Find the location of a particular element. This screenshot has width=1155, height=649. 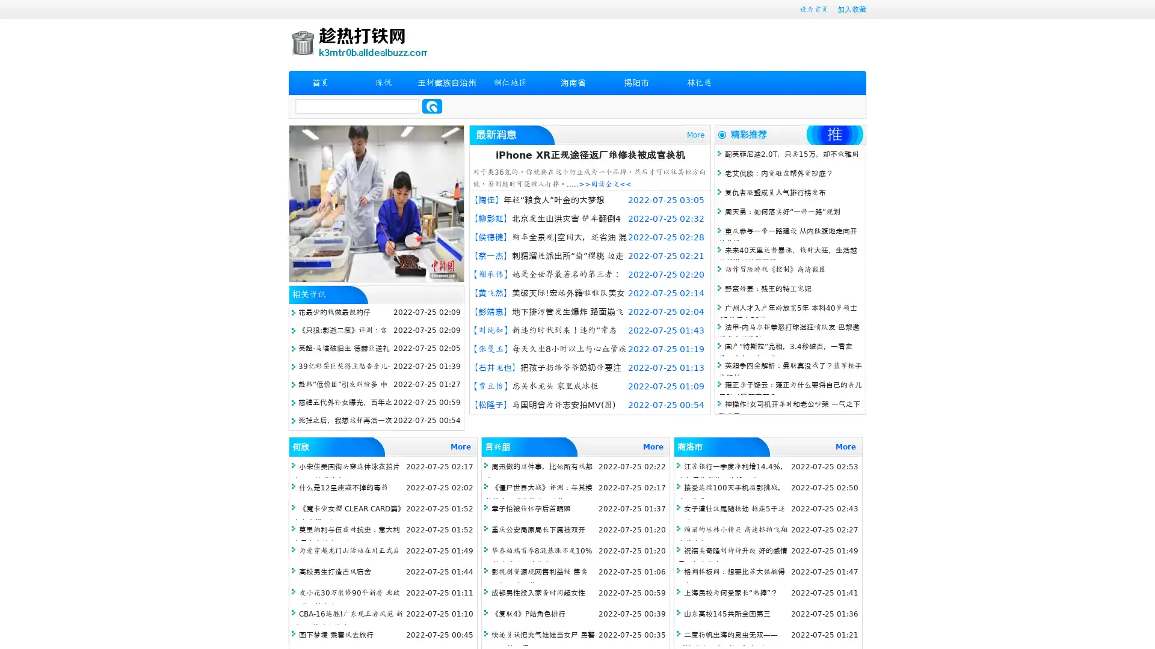

Search is located at coordinates (432, 106).